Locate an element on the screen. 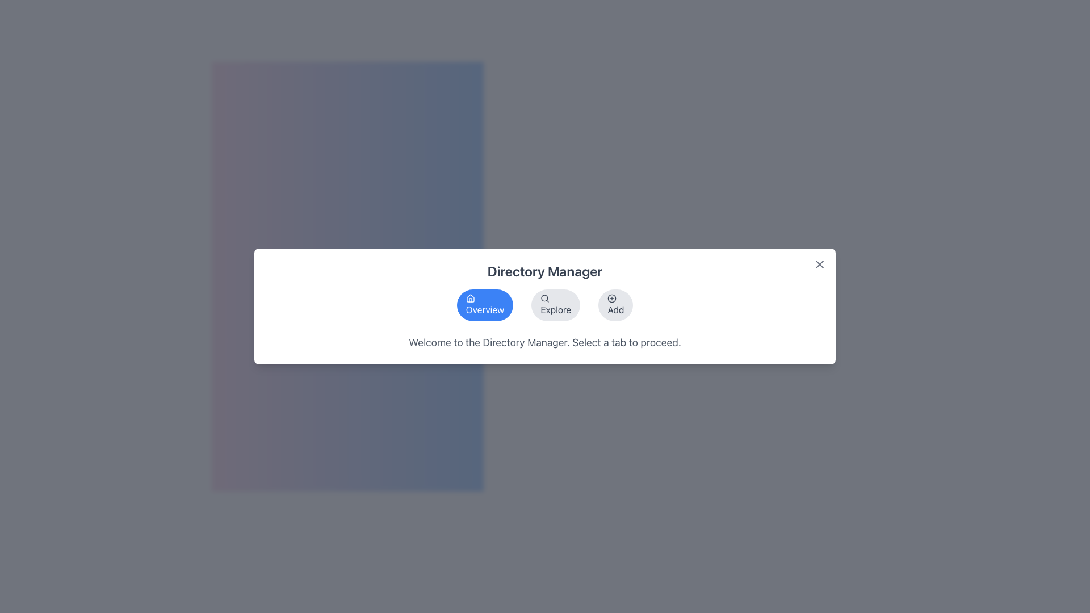  the circular icon with a plus sign (+) in the middle, which is part of the 'Add' button in the 'Directory Manager' modal is located at coordinates (611, 297).